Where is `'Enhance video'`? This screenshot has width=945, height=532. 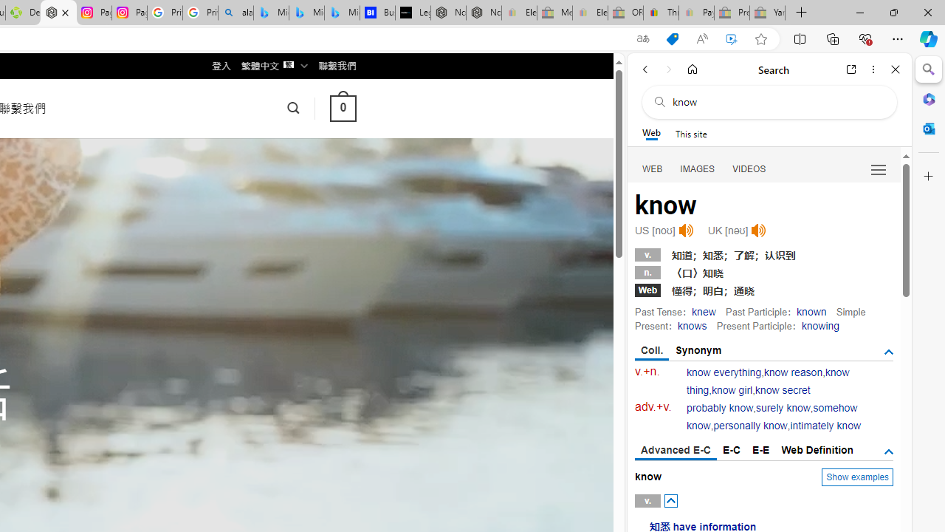 'Enhance video' is located at coordinates (732, 38).